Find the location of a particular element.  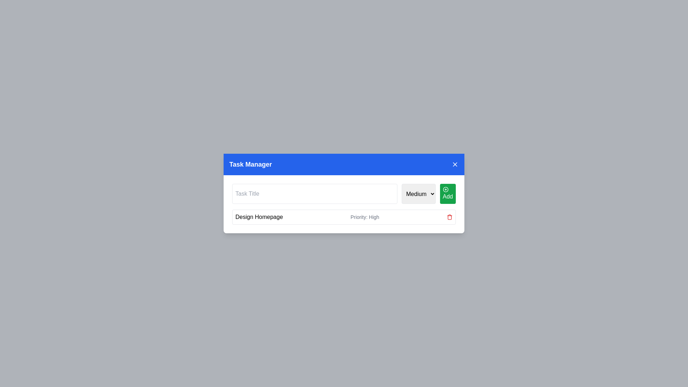

the visual indication of the small green circular icon with a white plus sign, which is part of the 'Add' button in the Task Manager interface, located on the right side of the task input field is located at coordinates (445, 189).